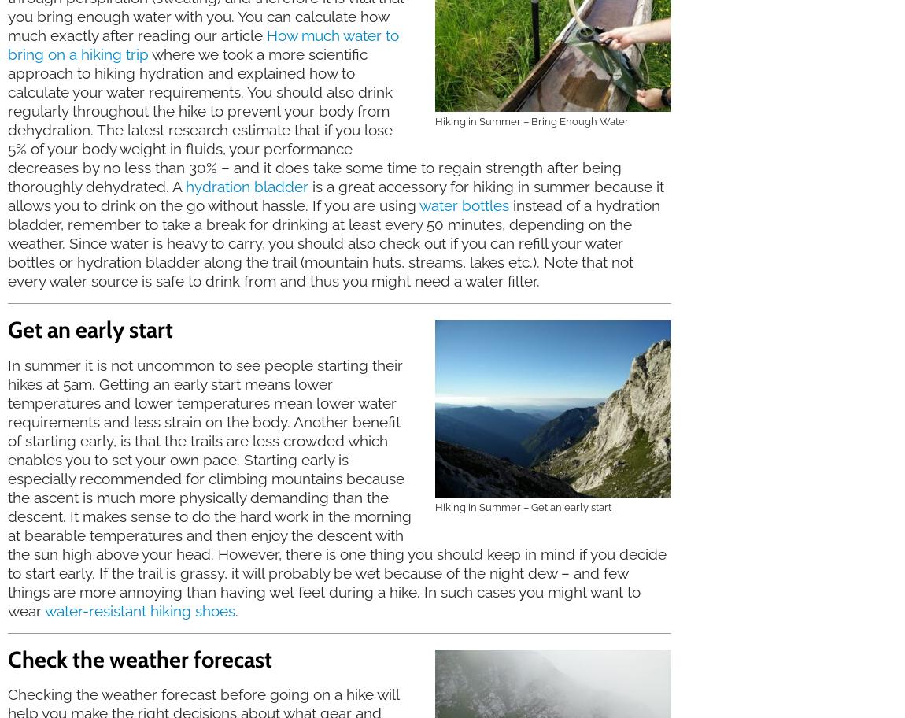 The height and width of the screenshot is (718, 905). I want to click on 'Check the weather forecast', so click(7, 658).